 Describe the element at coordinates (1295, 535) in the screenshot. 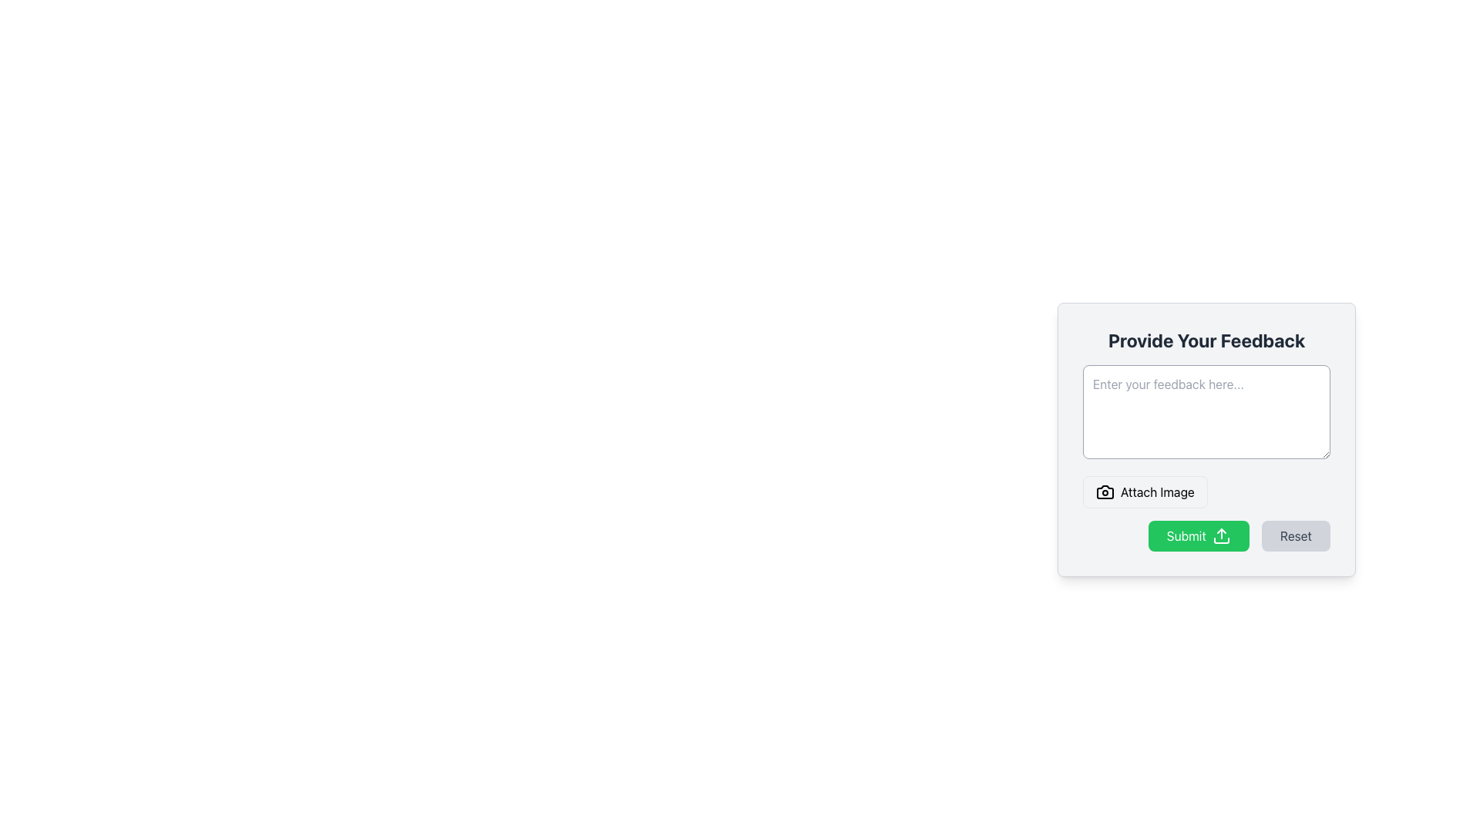

I see `the reset button located at the lower-right corner of the form to activate its hover effect` at that location.